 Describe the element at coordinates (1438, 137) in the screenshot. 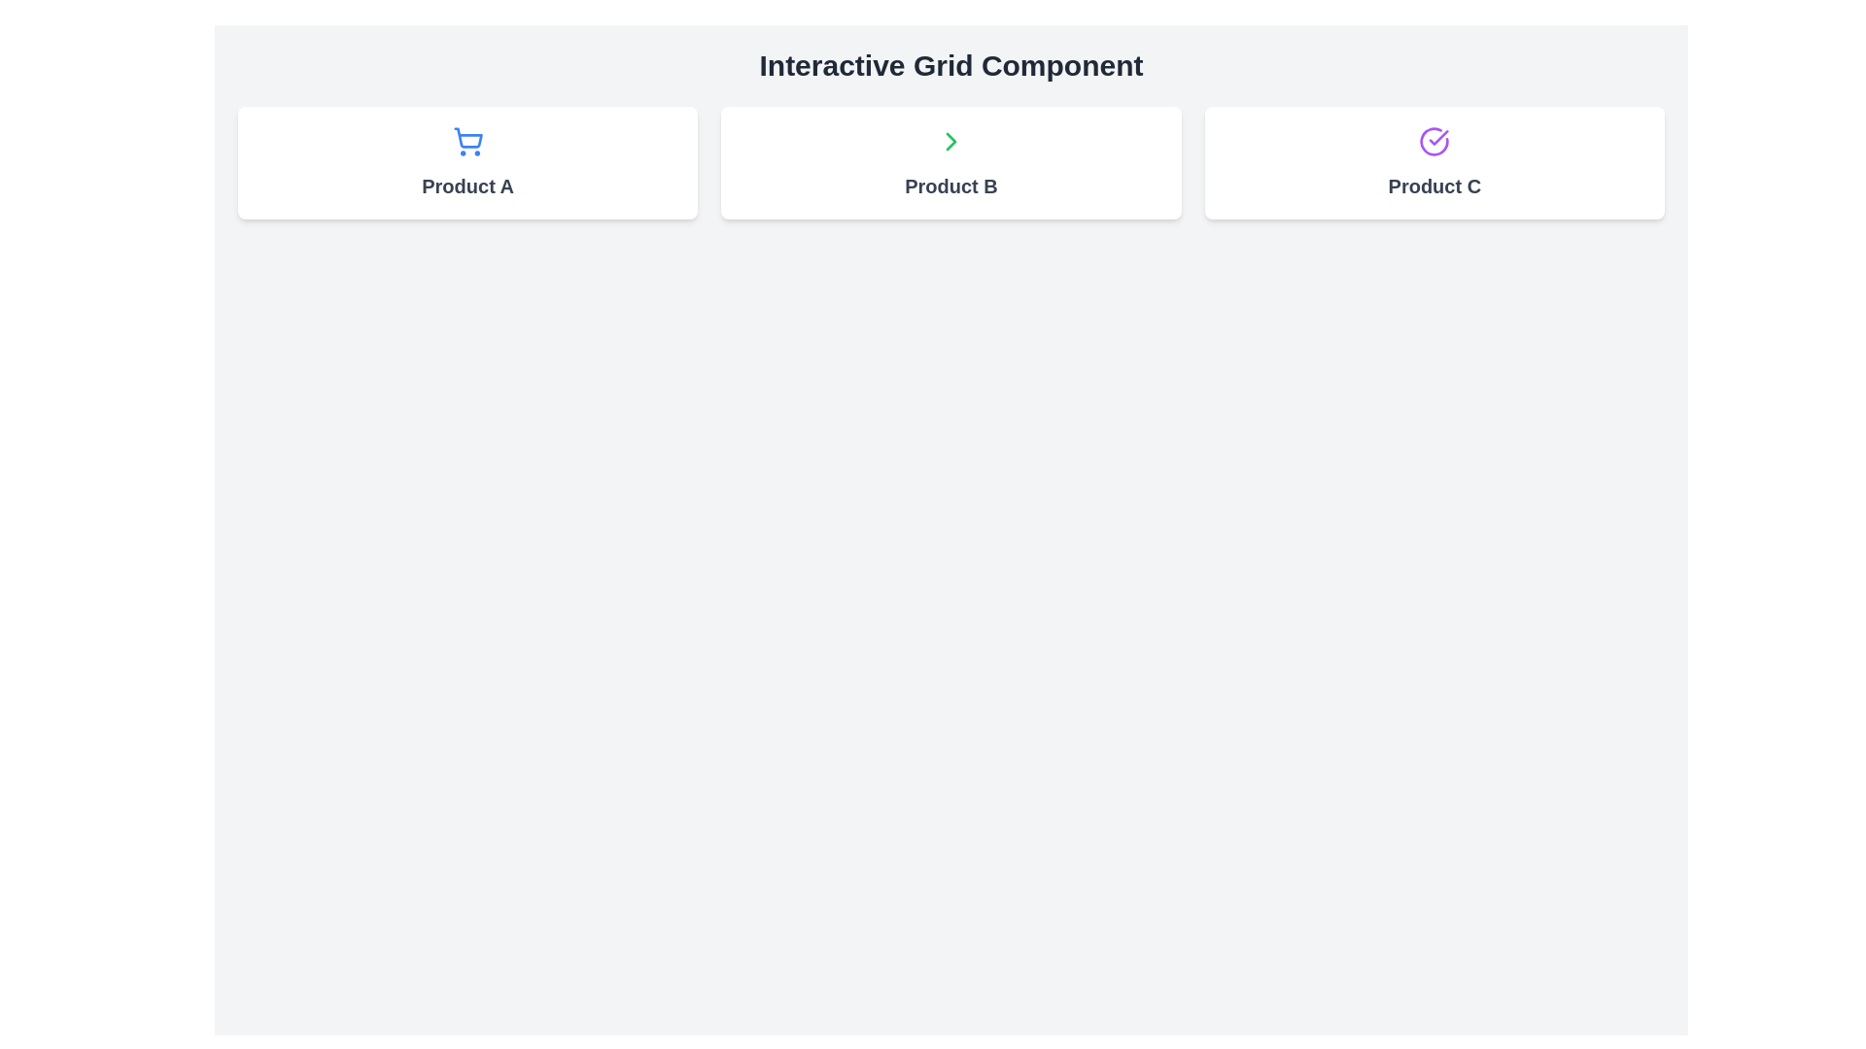

I see `the confirmation icon for 'Product C', which is visually indicated as completed or selected, located on the rightmost side of the grid` at that location.